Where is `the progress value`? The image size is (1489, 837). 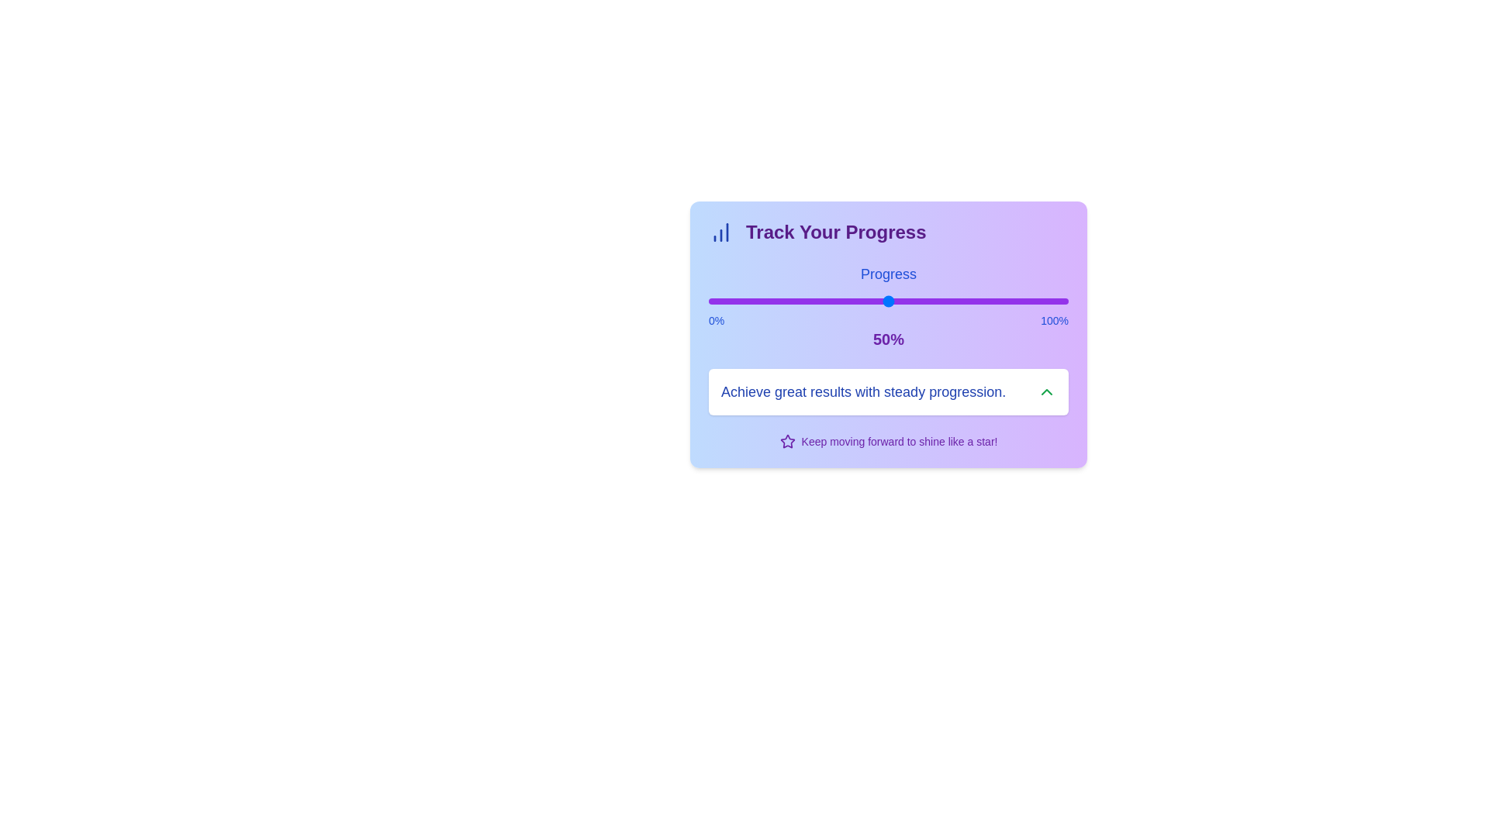 the progress value is located at coordinates (784, 301).